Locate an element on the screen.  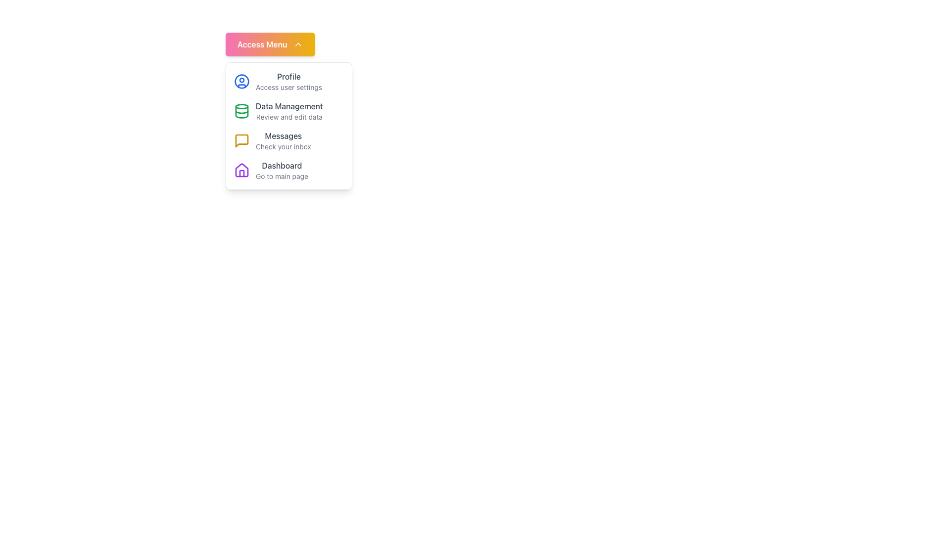
the first menu option entry directly beneath the 'Access Menu' label is located at coordinates (288, 81).